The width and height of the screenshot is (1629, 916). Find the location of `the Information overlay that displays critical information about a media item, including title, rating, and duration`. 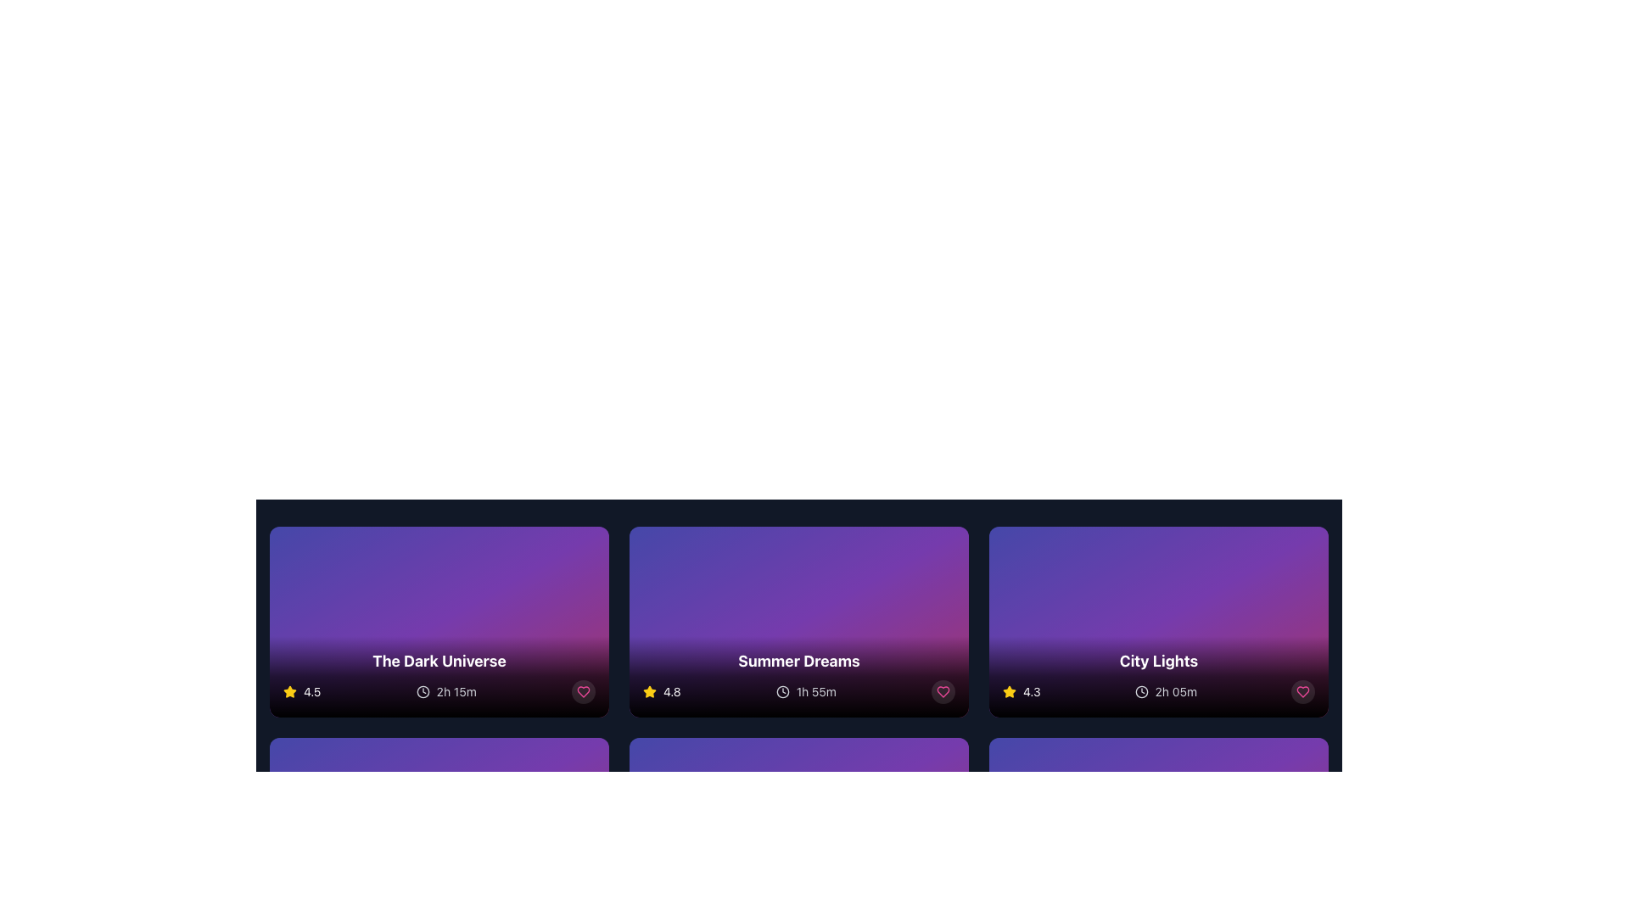

the Information overlay that displays critical information about a media item, including title, rating, and duration is located at coordinates (439, 676).